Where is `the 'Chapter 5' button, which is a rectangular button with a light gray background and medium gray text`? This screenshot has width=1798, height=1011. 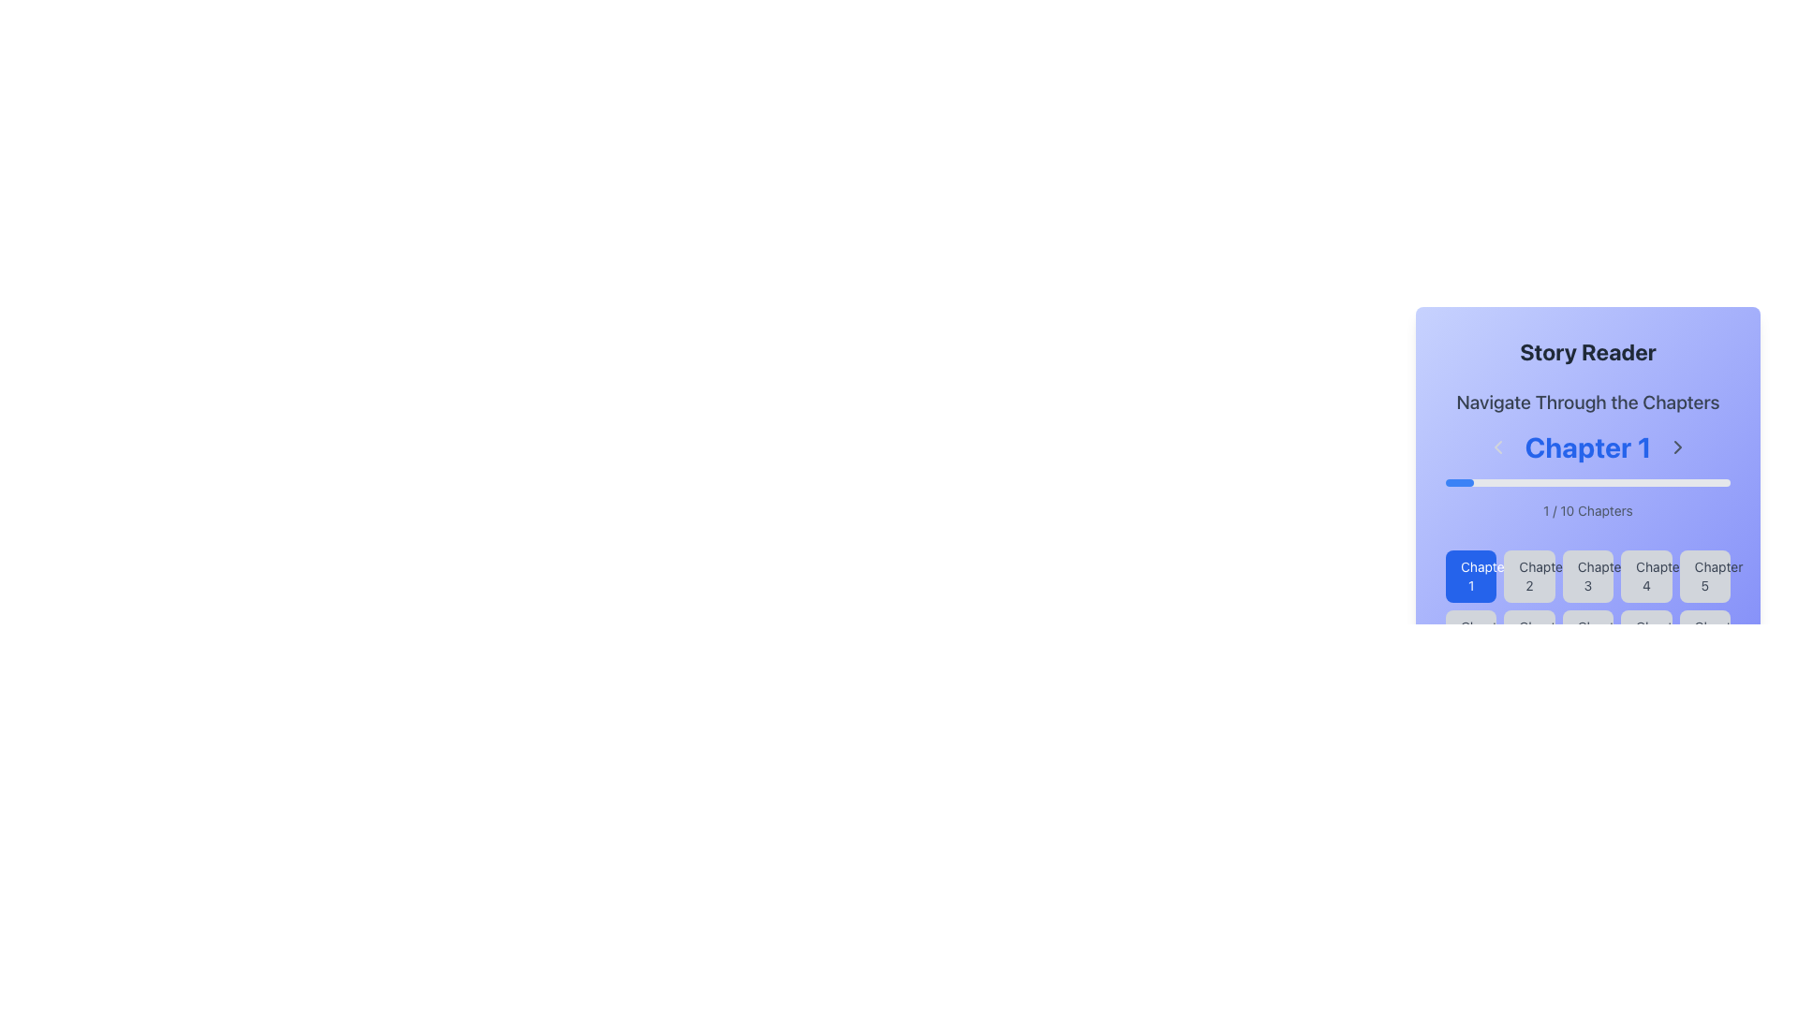 the 'Chapter 5' button, which is a rectangular button with a light gray background and medium gray text is located at coordinates (1704, 576).